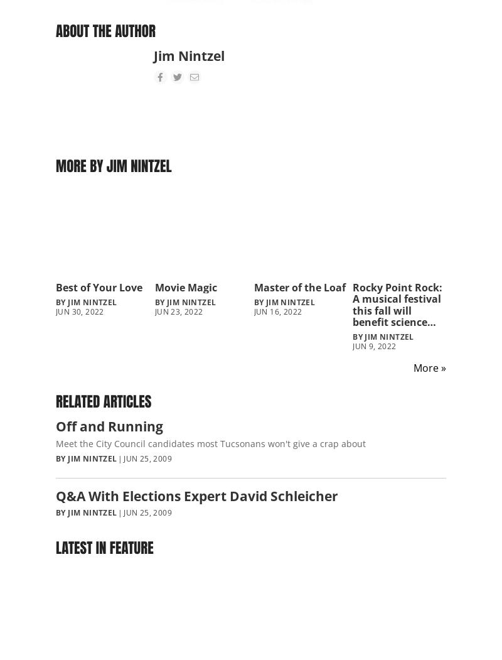 The height and width of the screenshot is (660, 502). I want to click on 'Jim Nintzel', so click(152, 55).